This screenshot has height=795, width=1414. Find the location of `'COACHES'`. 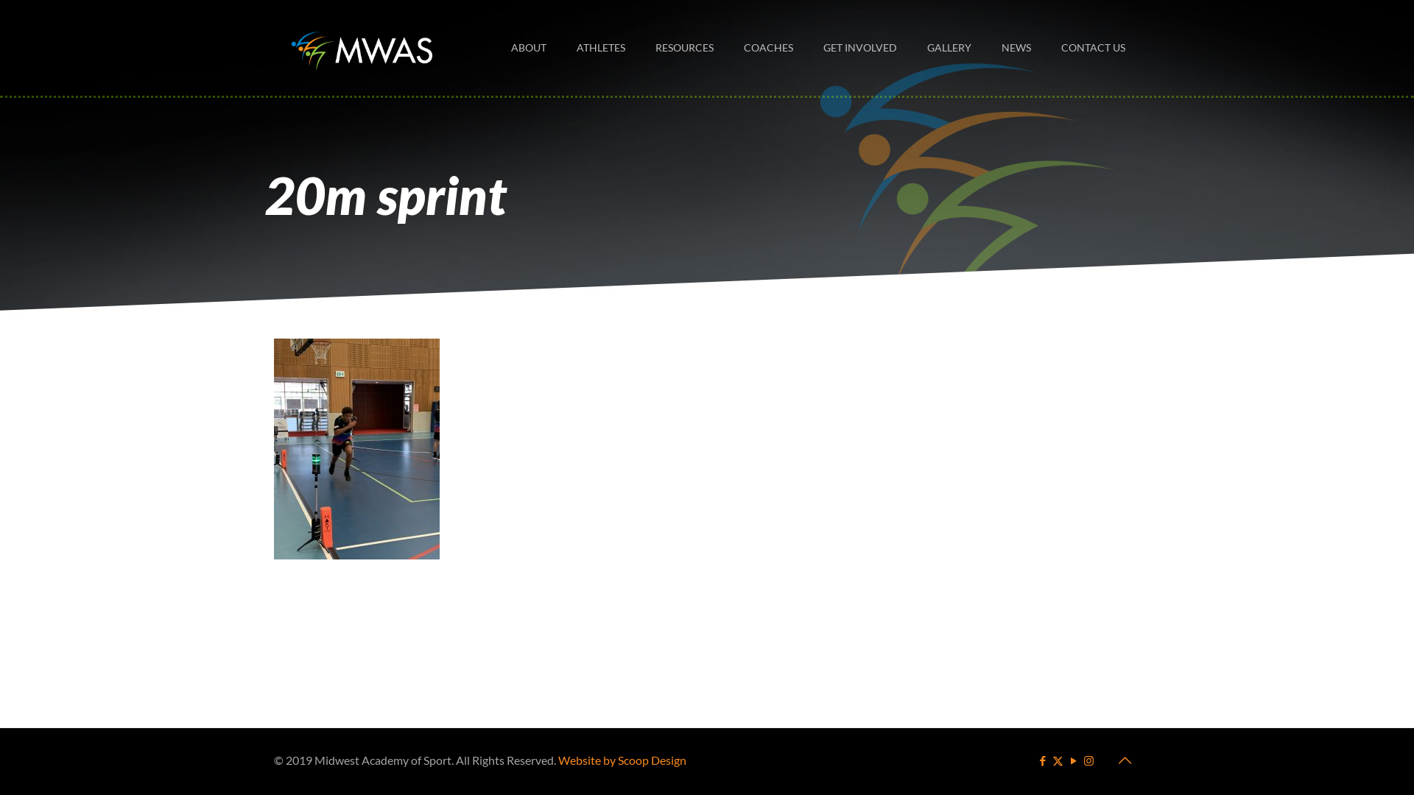

'COACHES' is located at coordinates (767, 47).